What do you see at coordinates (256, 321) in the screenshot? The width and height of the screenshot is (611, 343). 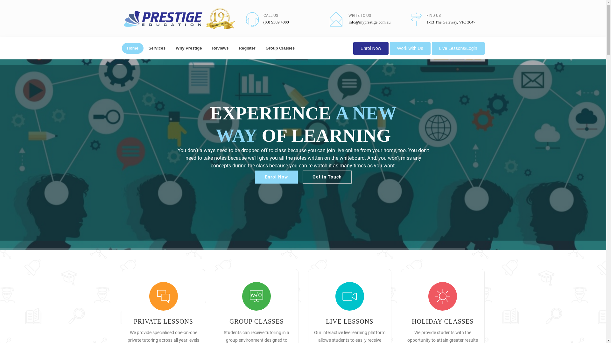 I see `'GROUP CLASSES'` at bounding box center [256, 321].